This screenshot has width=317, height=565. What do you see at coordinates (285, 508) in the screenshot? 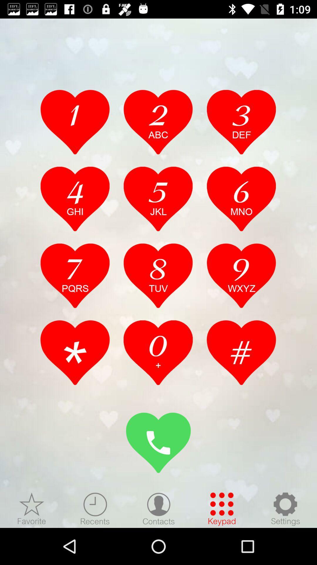
I see `settings` at bounding box center [285, 508].